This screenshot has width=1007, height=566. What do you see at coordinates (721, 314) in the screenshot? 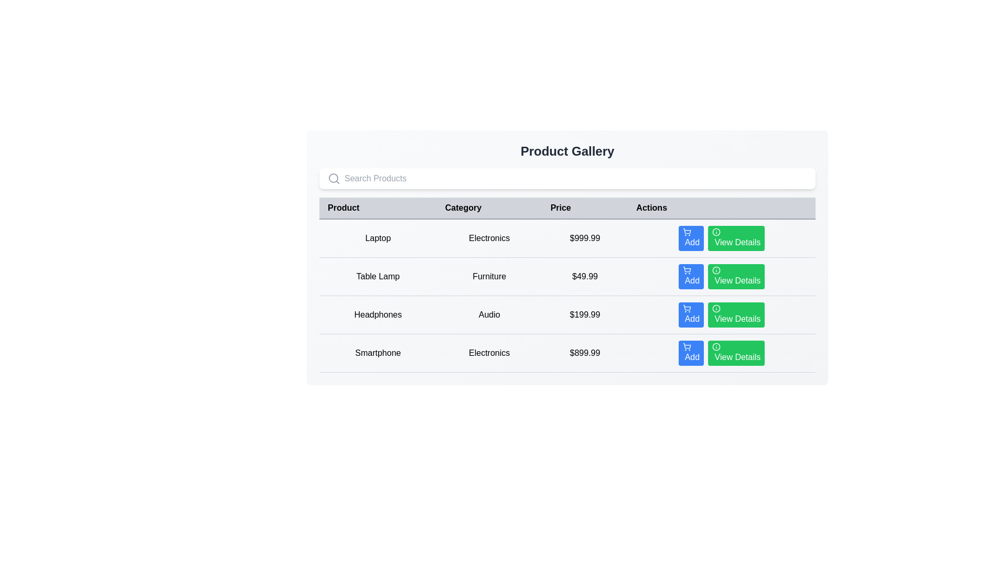
I see `the second button in the 'Actions' column of the 'Headphones' row` at bounding box center [721, 314].